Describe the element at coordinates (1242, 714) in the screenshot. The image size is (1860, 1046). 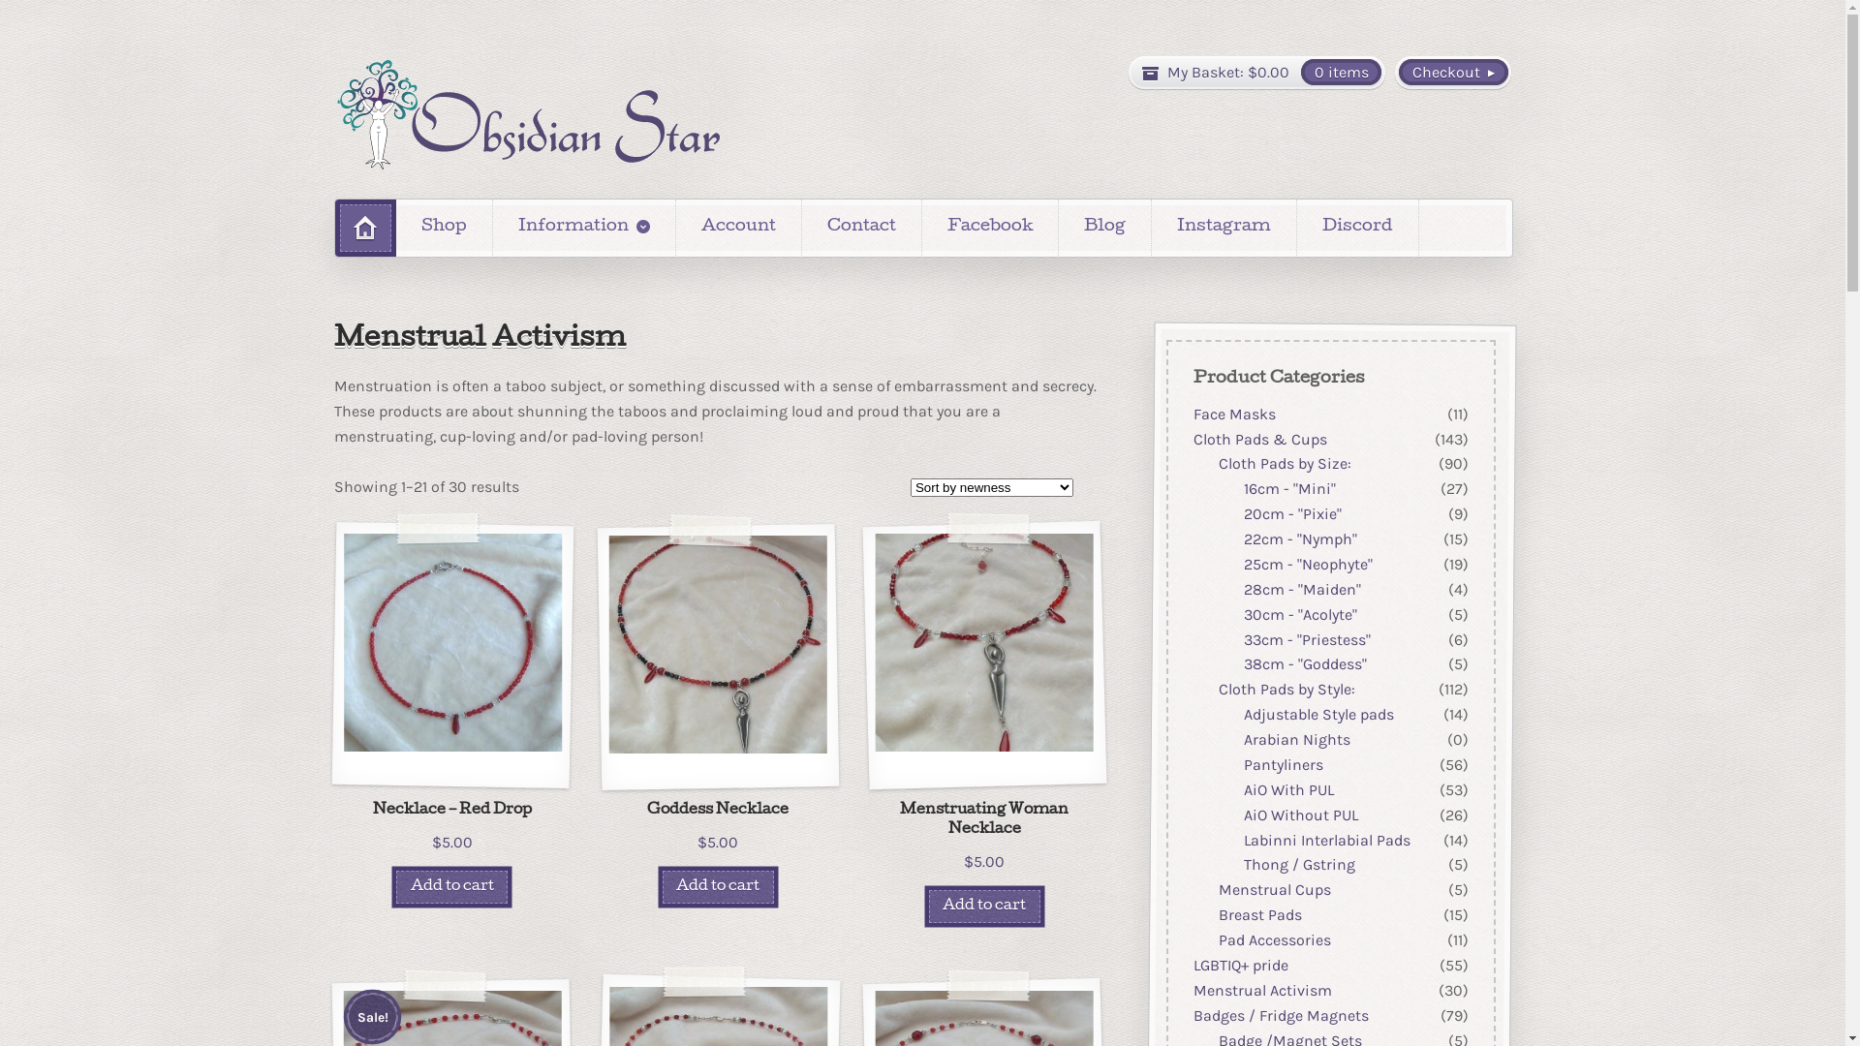
I see `'Adjustable Style pads'` at that location.